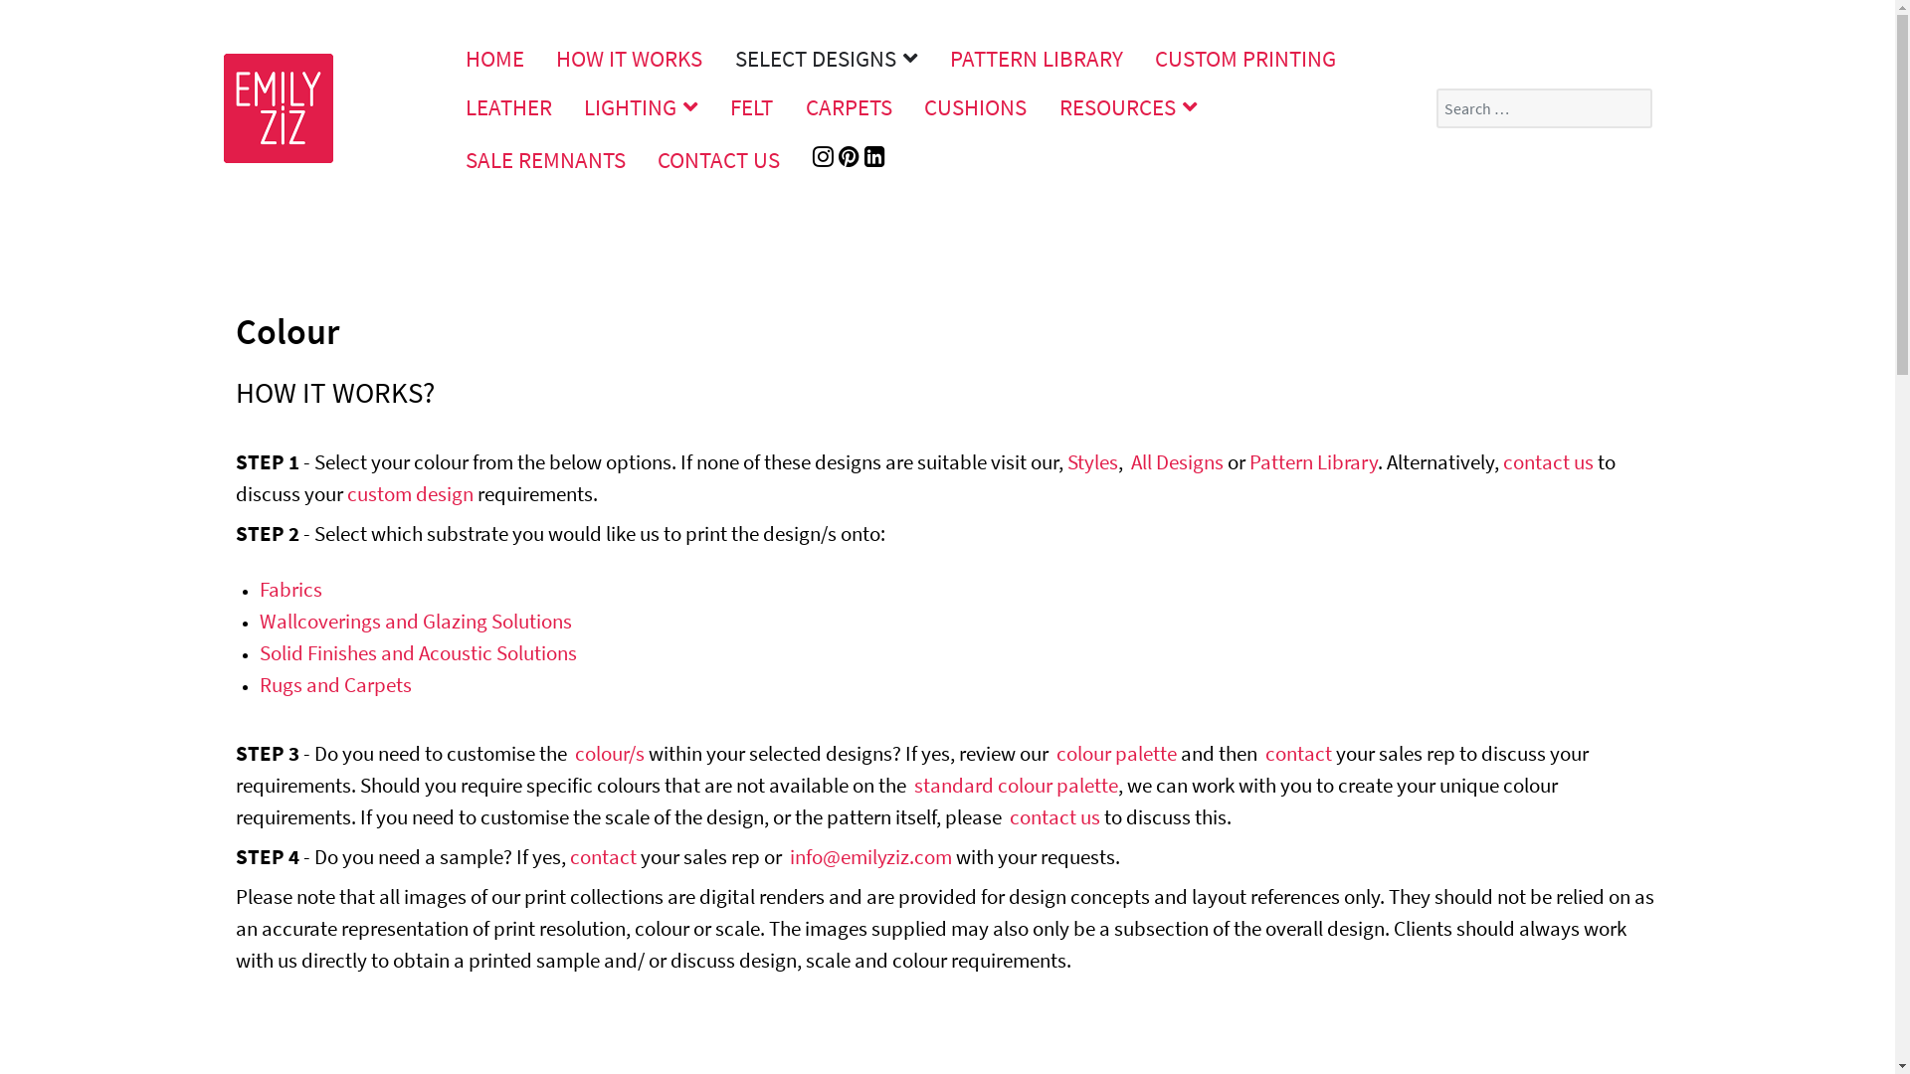 The width and height of the screenshot is (1910, 1074). I want to click on 'Emilyziz', so click(276, 104).